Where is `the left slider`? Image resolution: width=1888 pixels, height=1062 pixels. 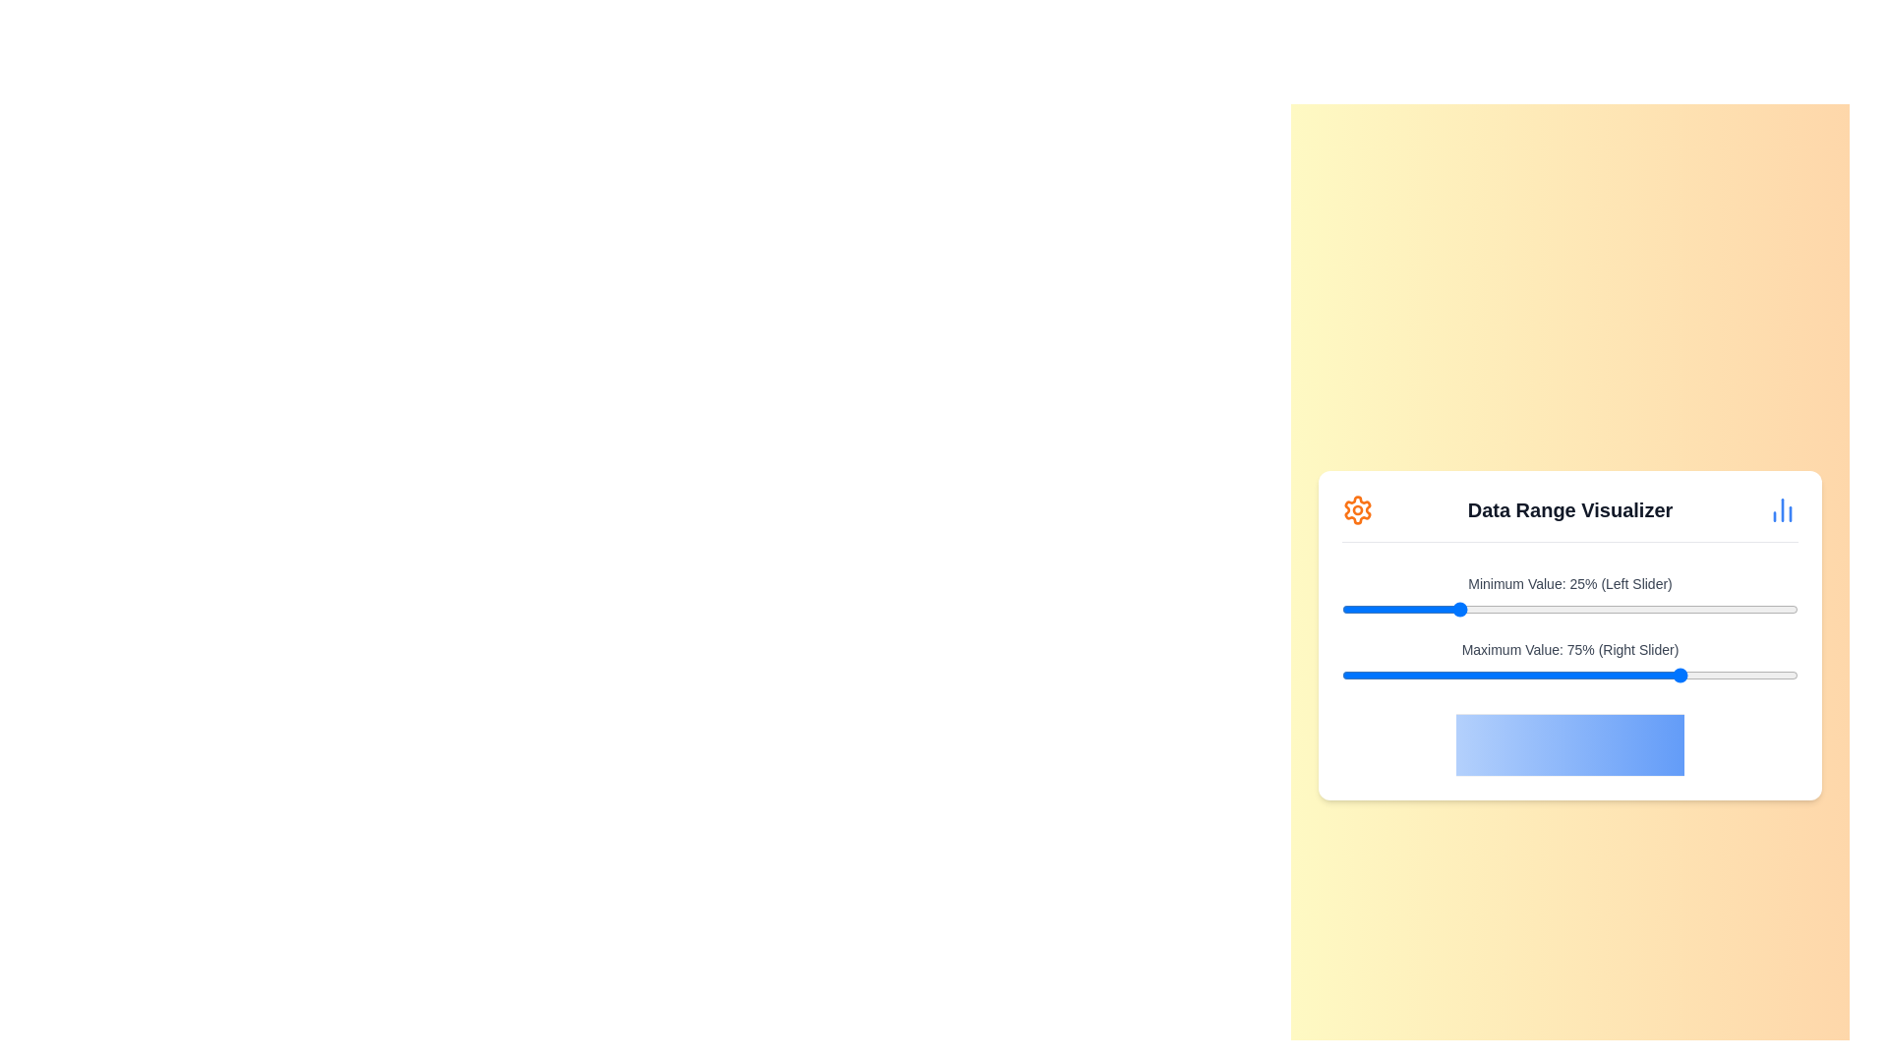 the left slider is located at coordinates (1386, 608).